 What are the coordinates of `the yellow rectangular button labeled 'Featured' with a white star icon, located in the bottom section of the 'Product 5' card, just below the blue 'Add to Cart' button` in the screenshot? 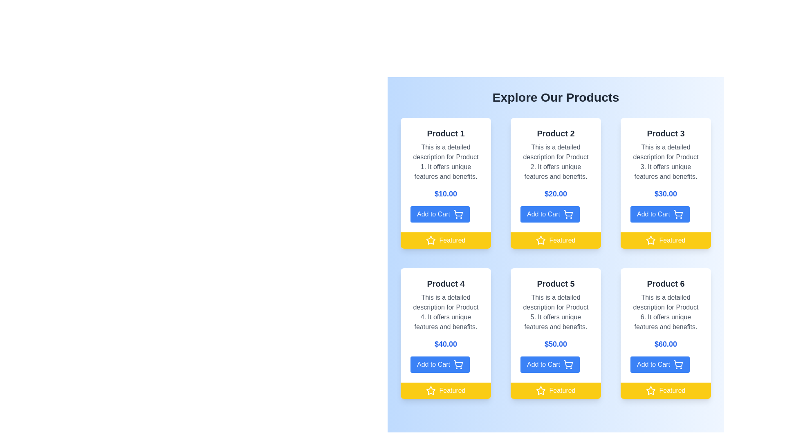 It's located at (556, 390).